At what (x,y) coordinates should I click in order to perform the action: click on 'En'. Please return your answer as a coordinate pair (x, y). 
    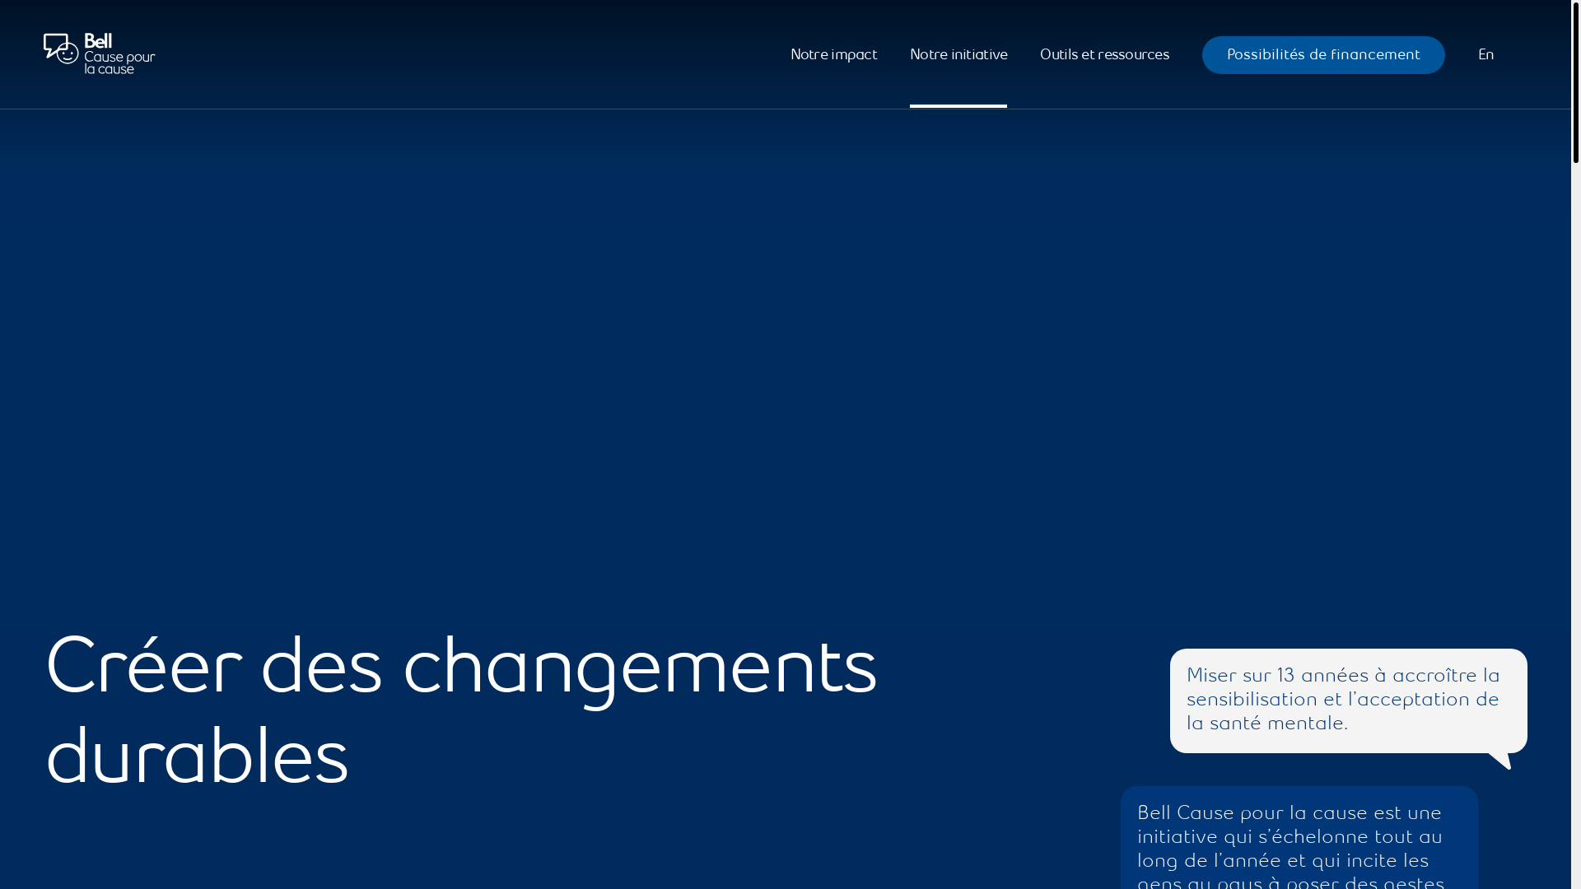
    Looking at the image, I should click on (1485, 54).